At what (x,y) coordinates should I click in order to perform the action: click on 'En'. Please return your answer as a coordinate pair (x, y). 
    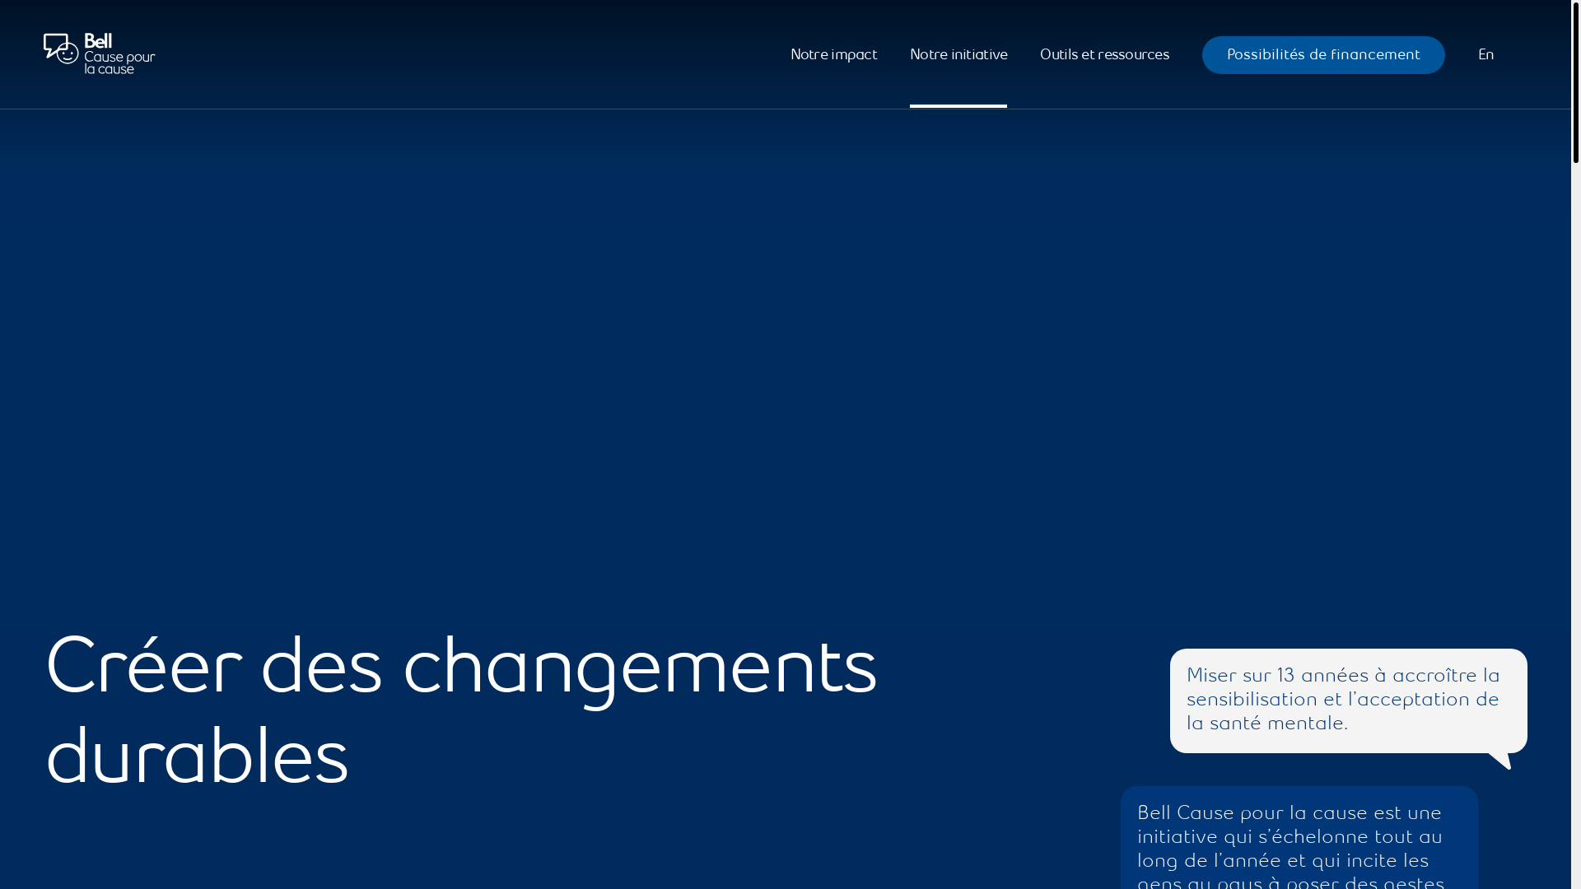
    Looking at the image, I should click on (1485, 54).